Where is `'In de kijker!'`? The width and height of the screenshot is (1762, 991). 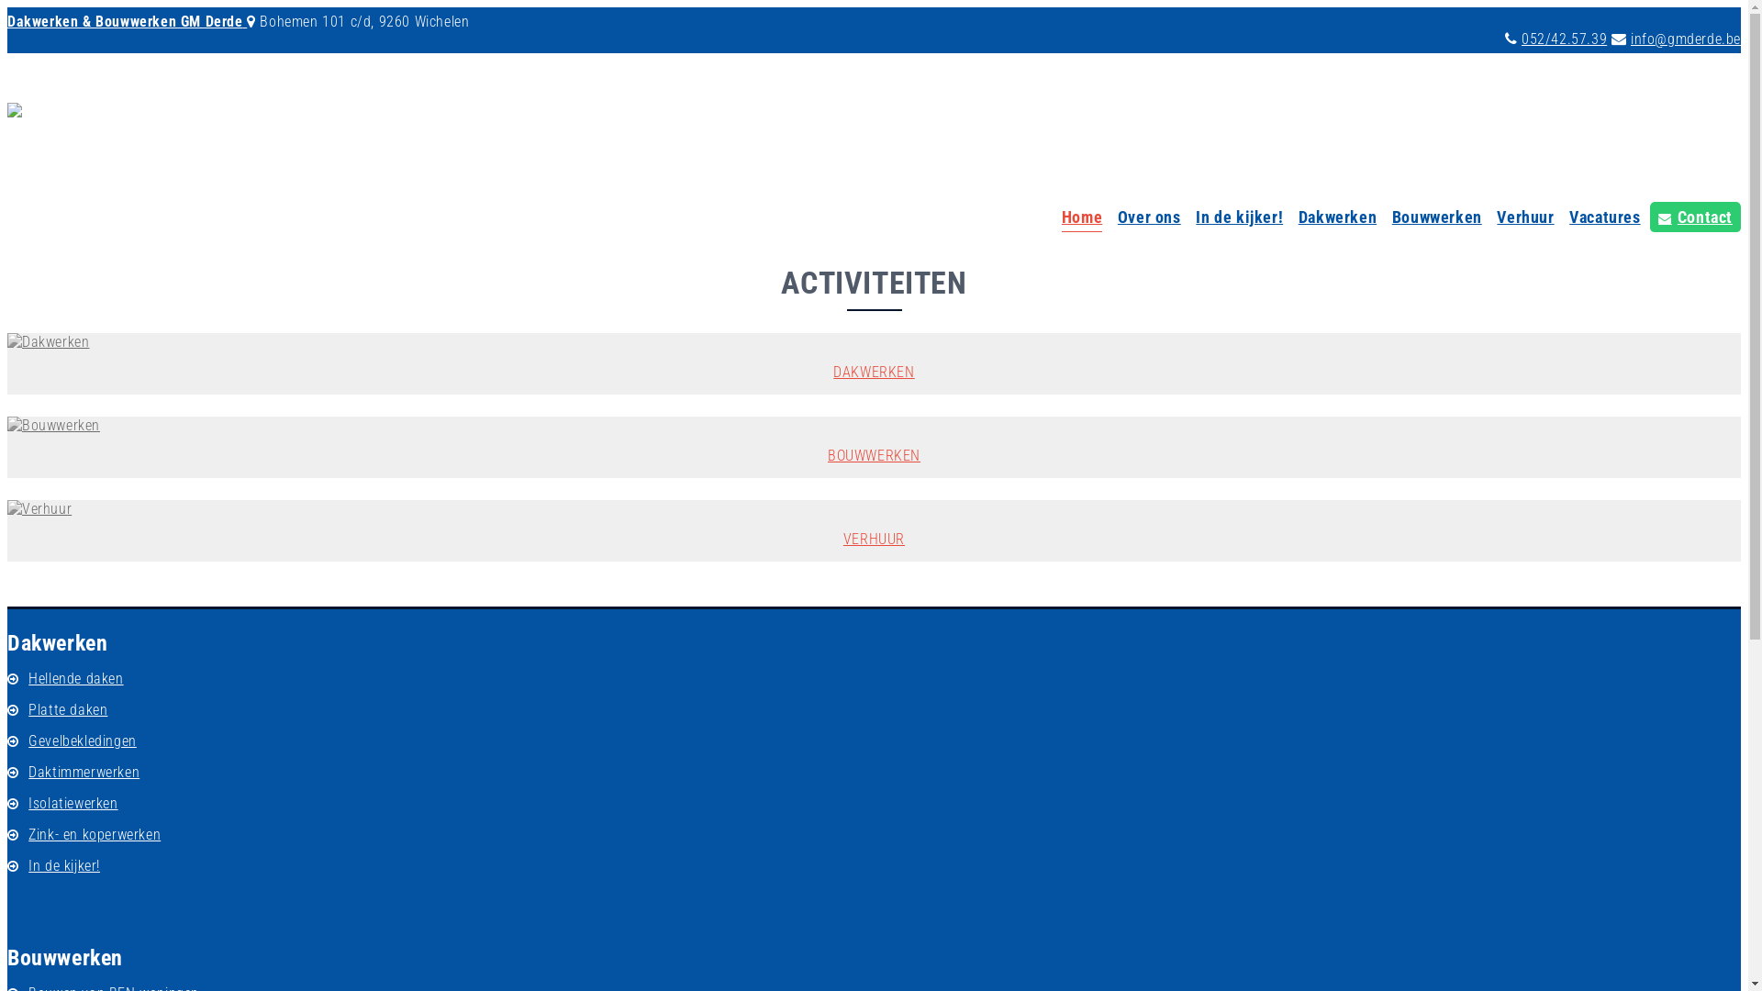 'In de kijker!' is located at coordinates (64, 865).